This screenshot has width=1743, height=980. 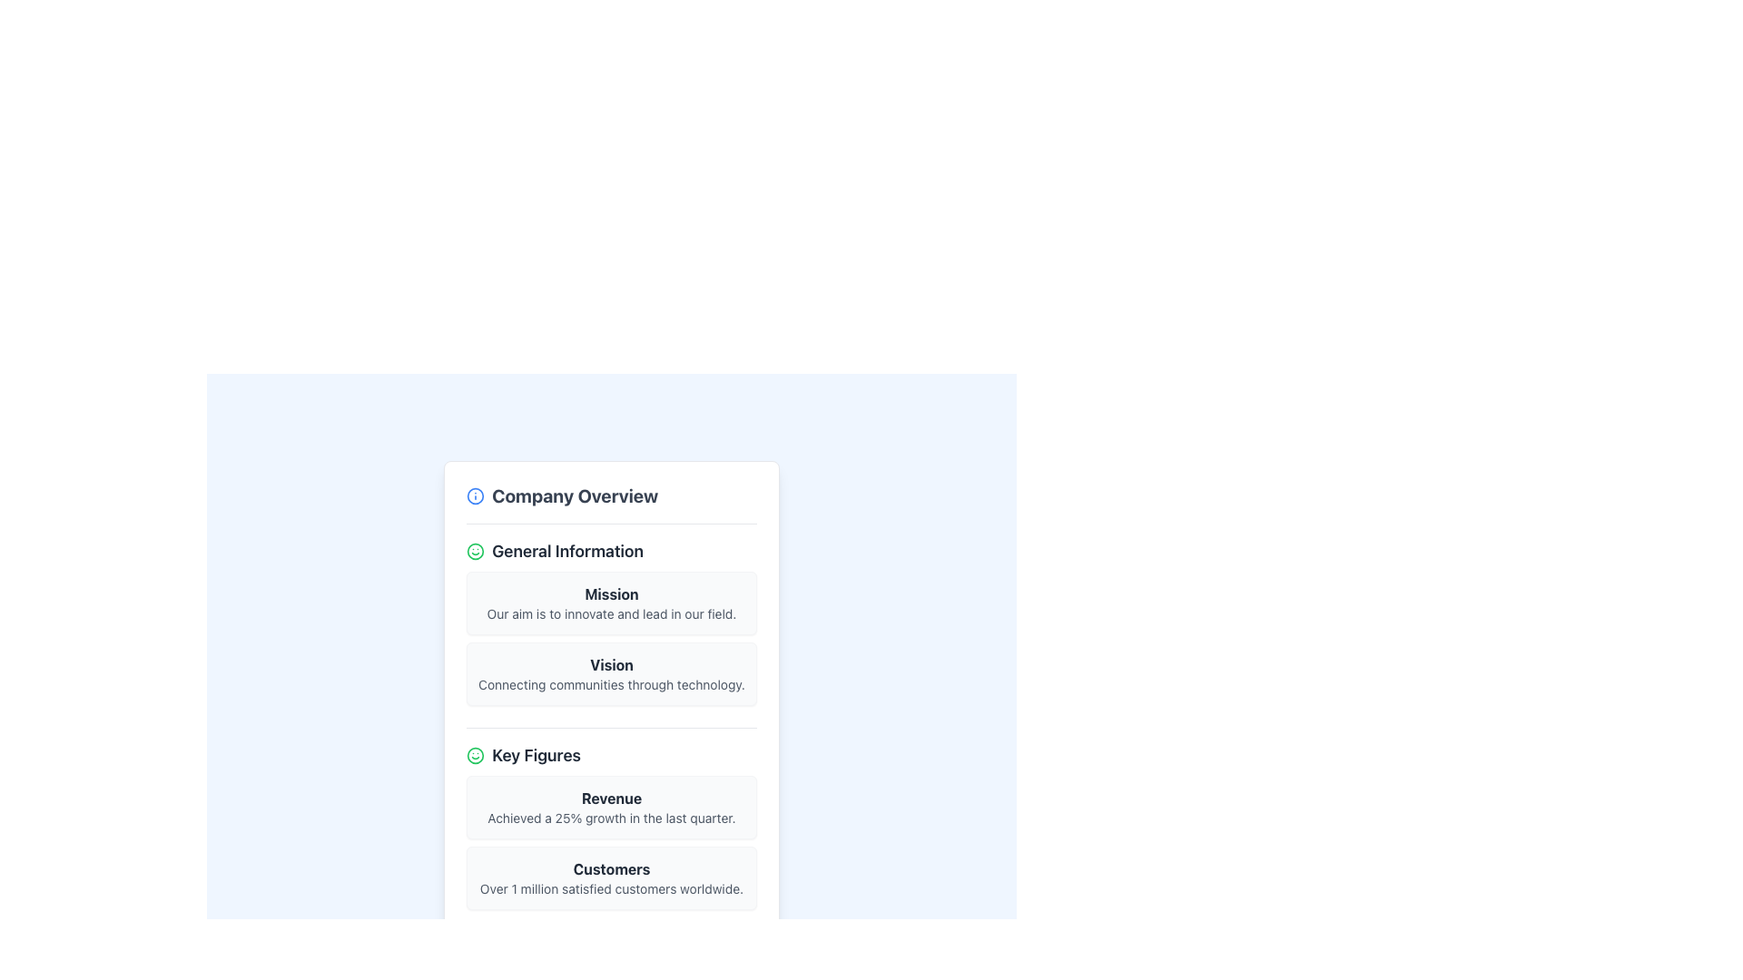 I want to click on the static informational card displaying company vision located in the 'General Information' section of the 'Company Overview' modal, positioned between the 'Mission' card and the 'Key Figures' section, so click(x=611, y=695).